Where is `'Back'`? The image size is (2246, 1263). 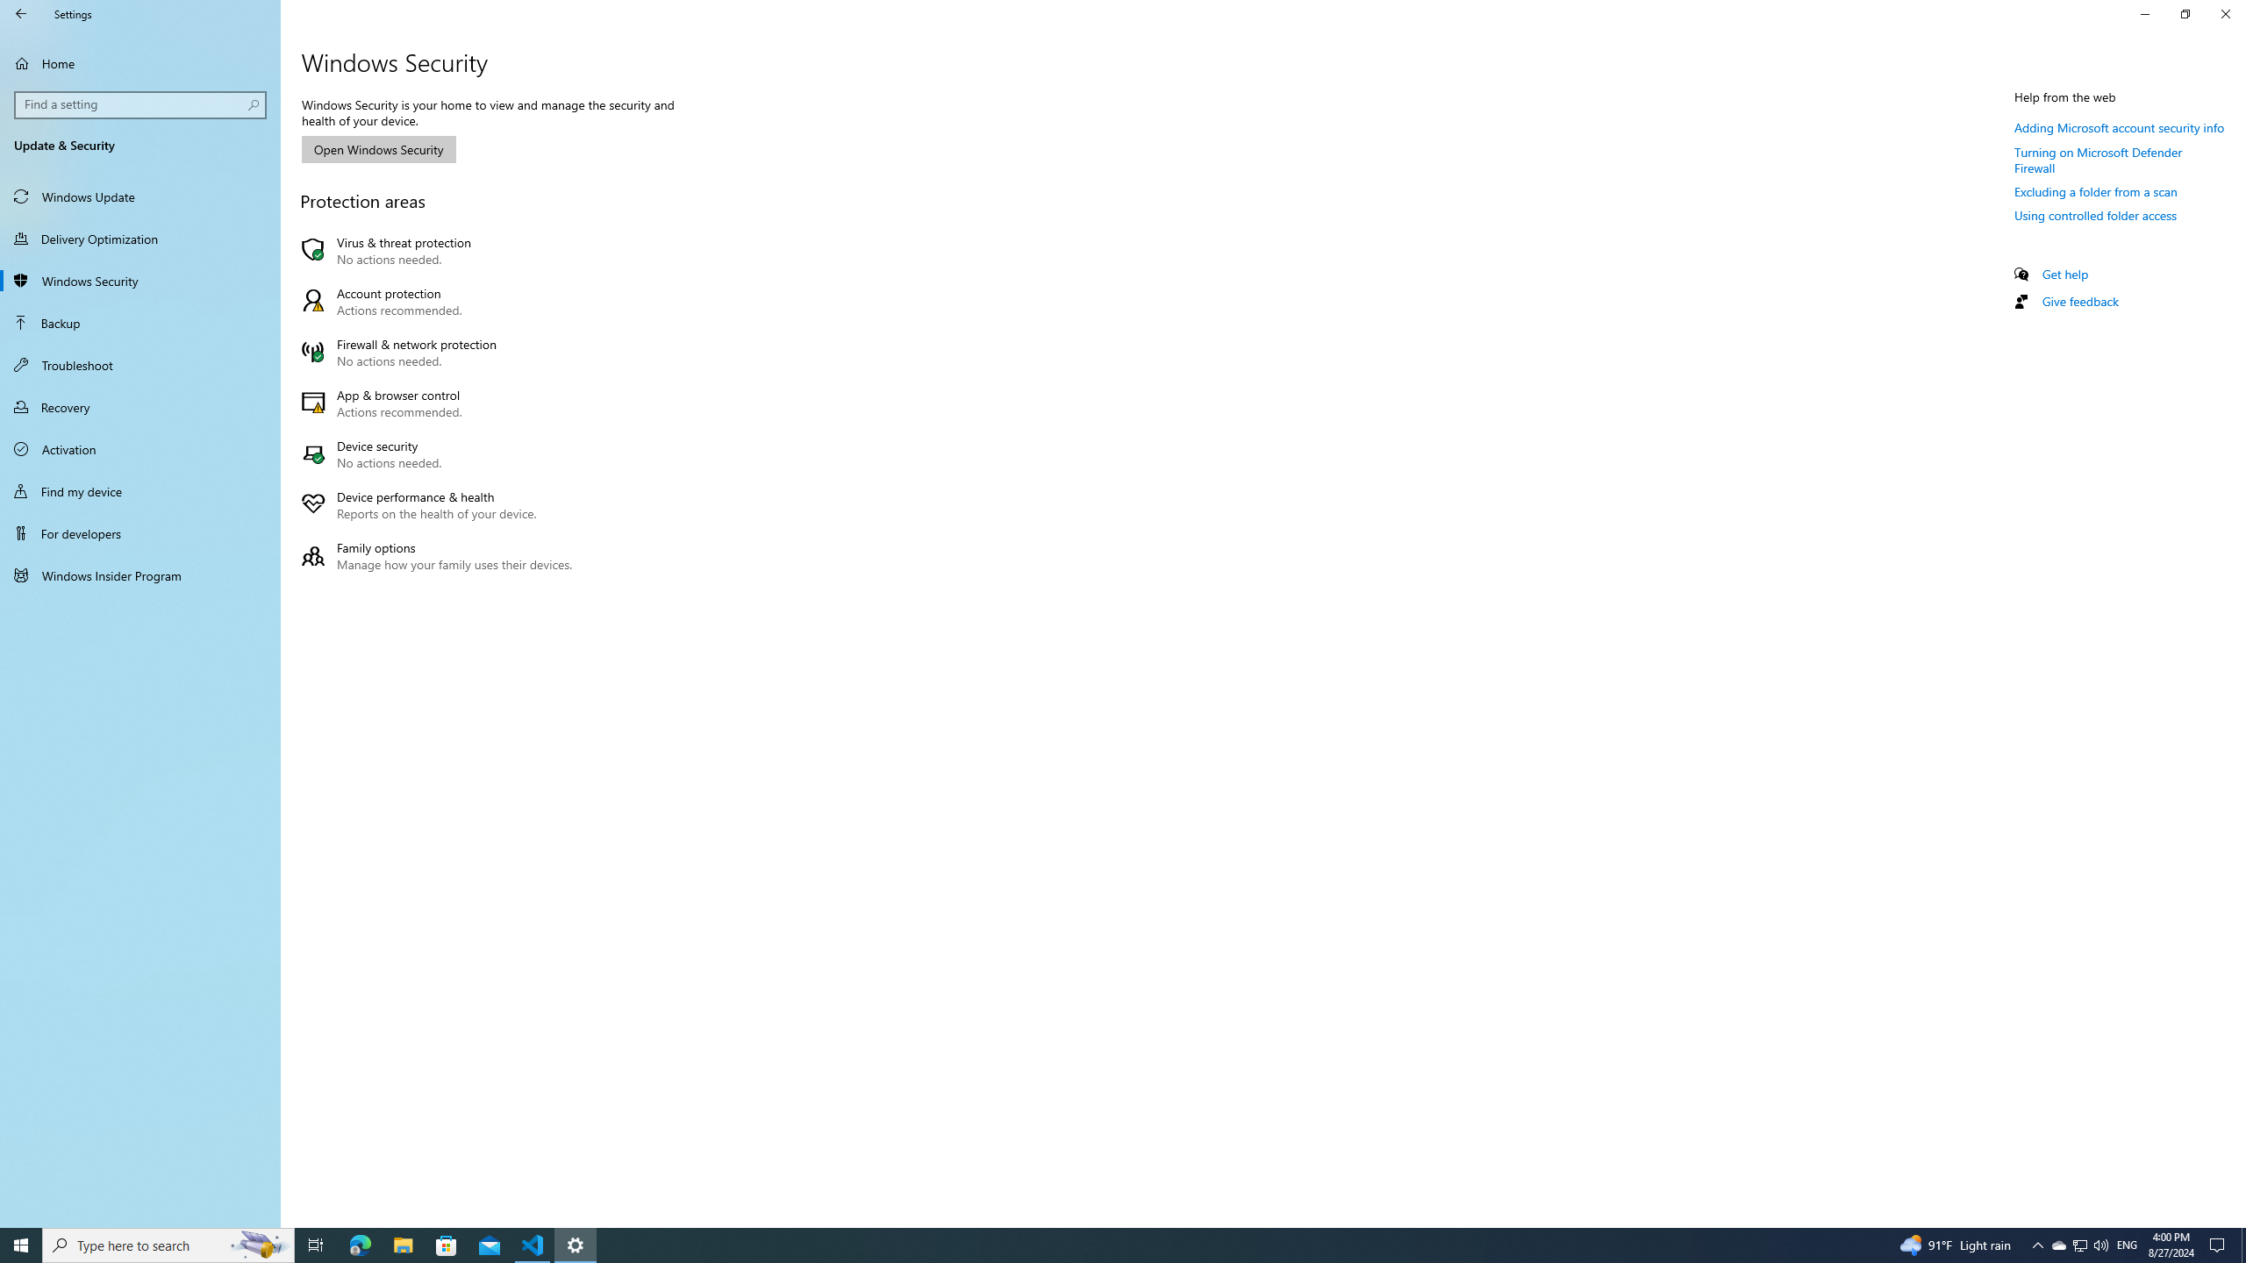
'Back' is located at coordinates (21, 13).